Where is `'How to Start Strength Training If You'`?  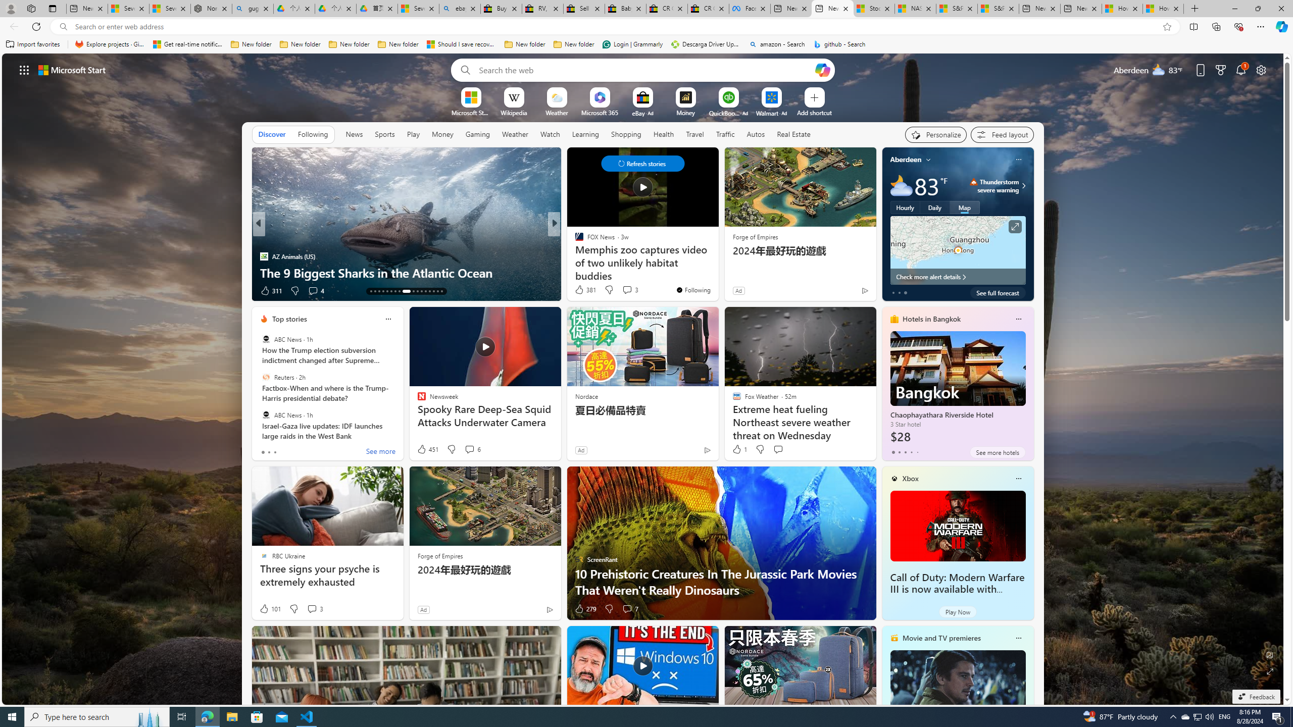 'How to Start Strength Training If You' is located at coordinates (716, 265).